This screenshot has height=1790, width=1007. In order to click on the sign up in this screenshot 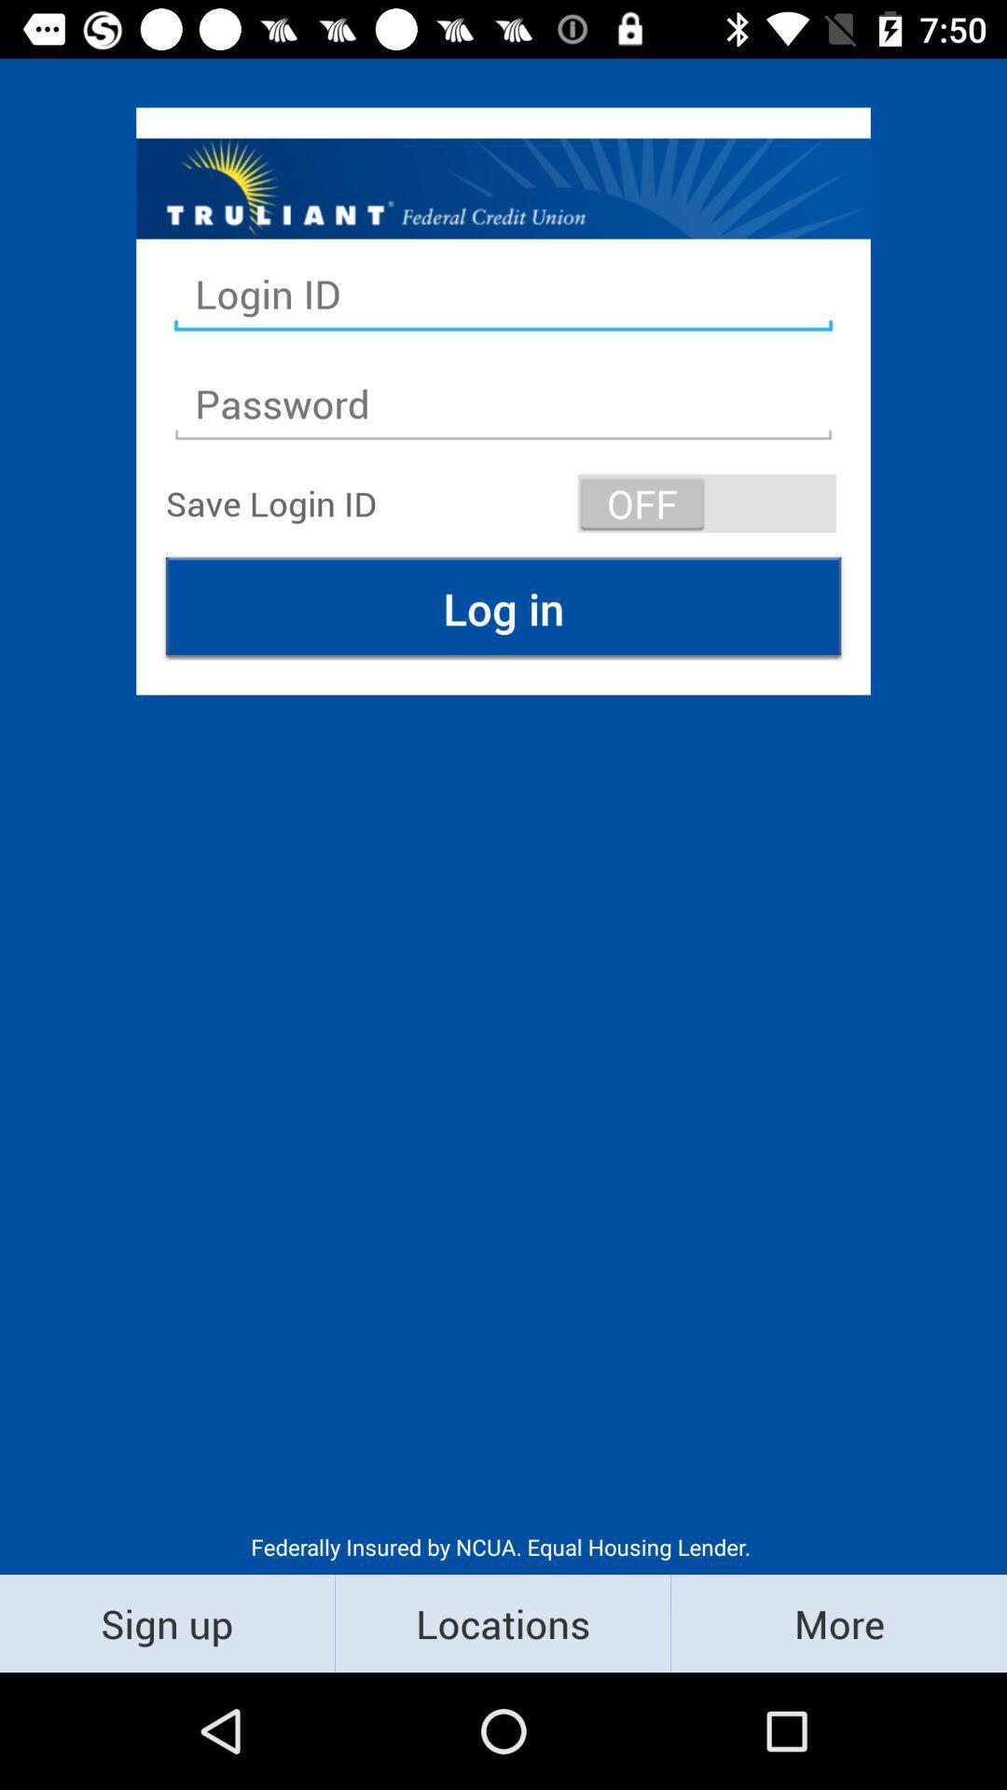, I will do `click(166, 1622)`.